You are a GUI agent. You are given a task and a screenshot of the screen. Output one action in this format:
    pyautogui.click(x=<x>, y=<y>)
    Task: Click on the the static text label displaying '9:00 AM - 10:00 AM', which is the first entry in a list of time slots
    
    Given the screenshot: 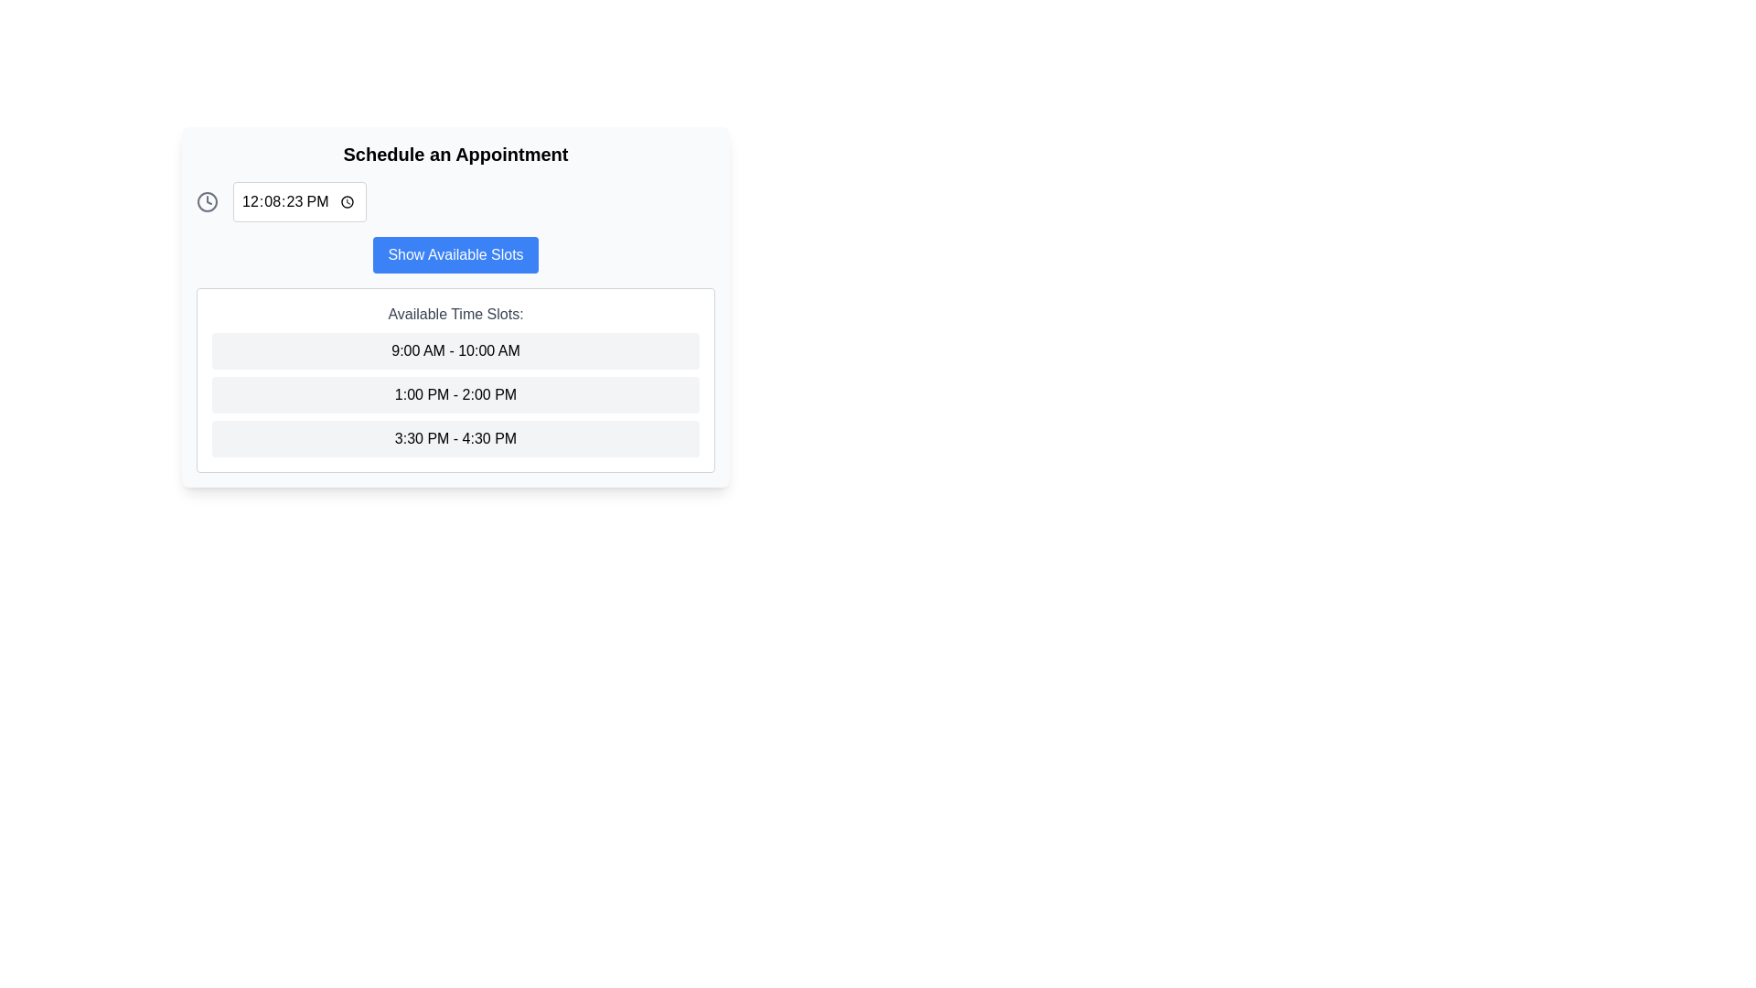 What is the action you would take?
    pyautogui.click(x=455, y=351)
    